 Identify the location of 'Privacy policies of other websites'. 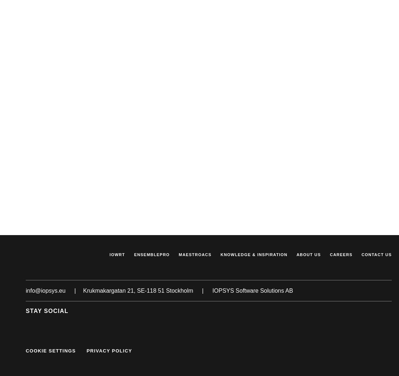
(108, 8).